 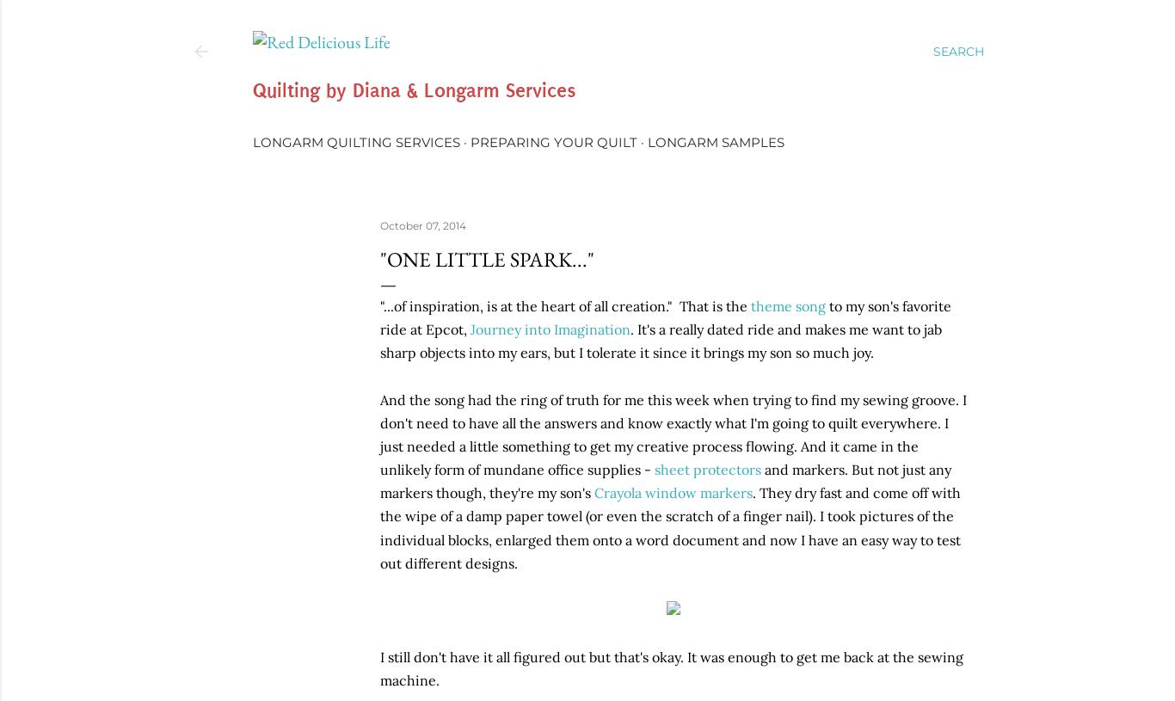 What do you see at coordinates (379, 257) in the screenshot?
I see `'"One Little Spark..."'` at bounding box center [379, 257].